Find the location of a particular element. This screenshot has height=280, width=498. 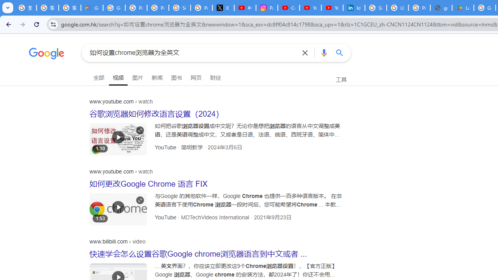

'Last Shelter: Survival - Apps on Google Play' is located at coordinates (463, 8).